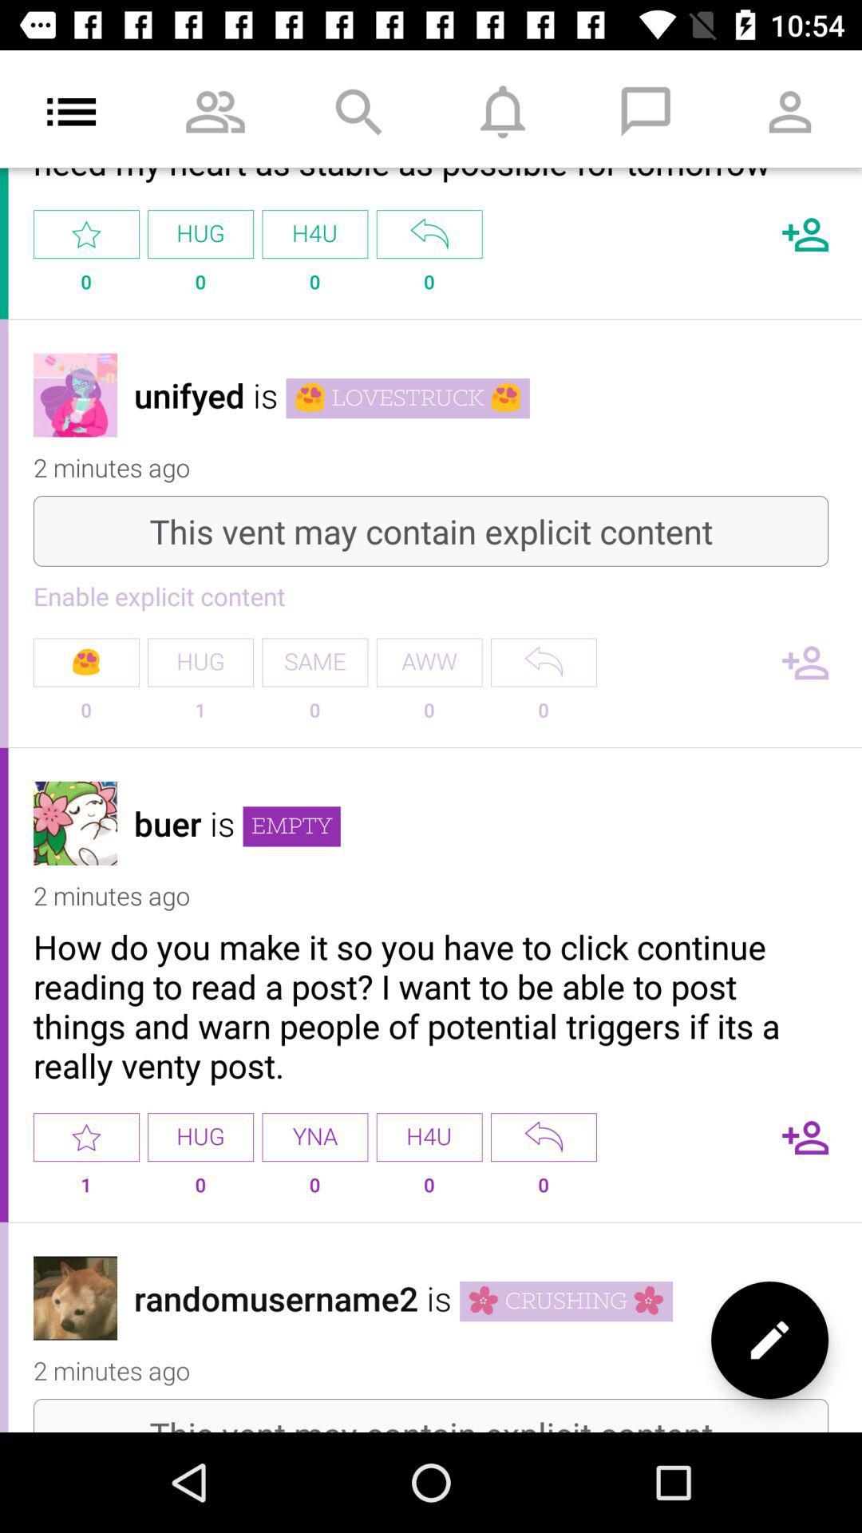 The width and height of the screenshot is (862, 1533). Describe the element at coordinates (543, 662) in the screenshot. I see `previous` at that location.